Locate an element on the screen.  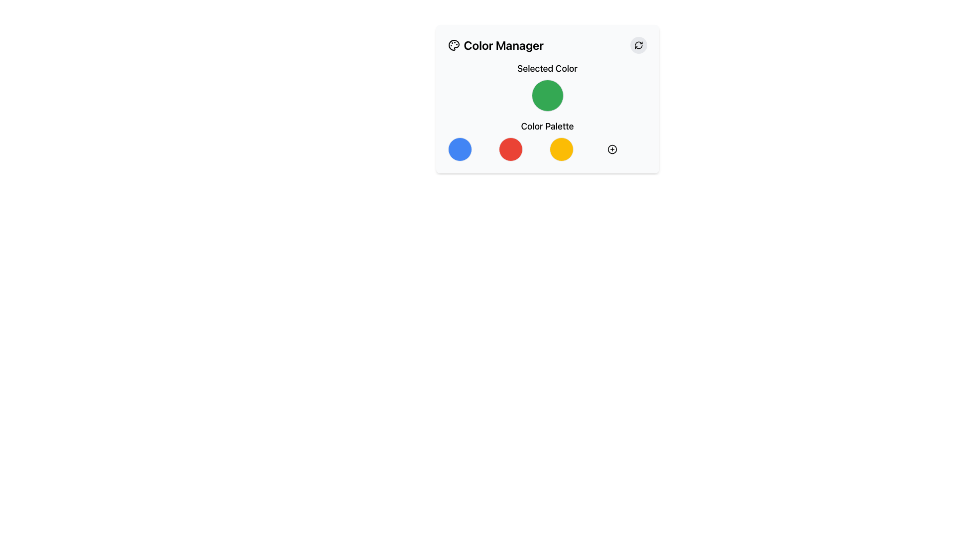
the refresh icon button located in the upper-right corner of the 'Color Manager' card is located at coordinates (638, 45).